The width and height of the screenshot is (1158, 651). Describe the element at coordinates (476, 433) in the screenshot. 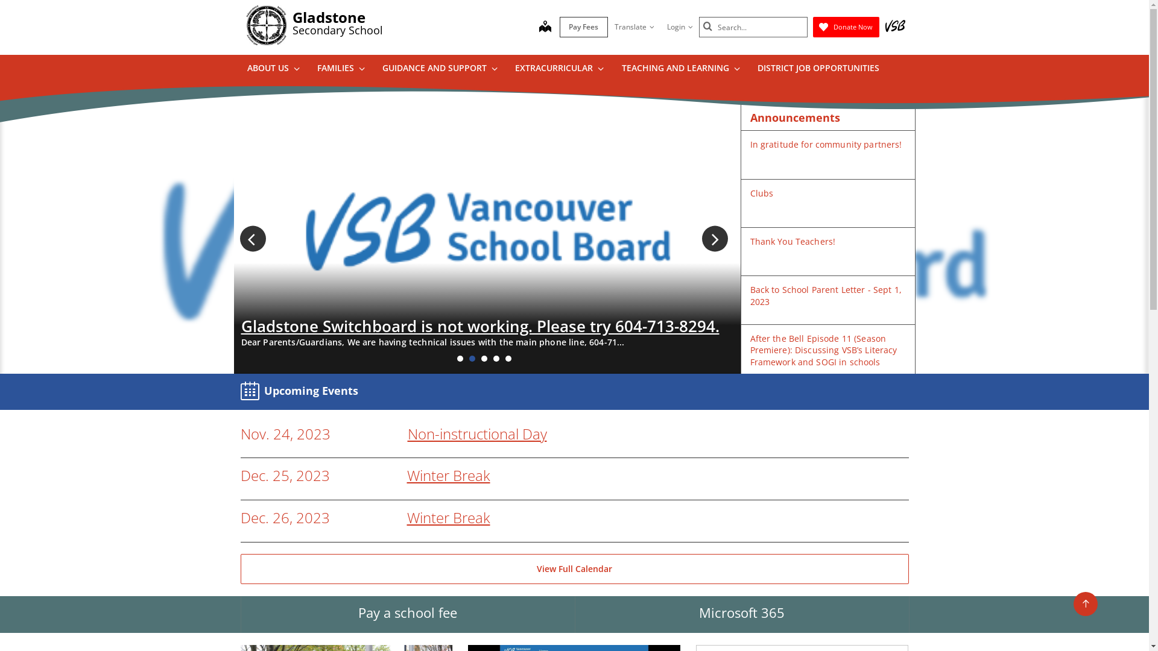

I see `'Non-instructional Day'` at that location.